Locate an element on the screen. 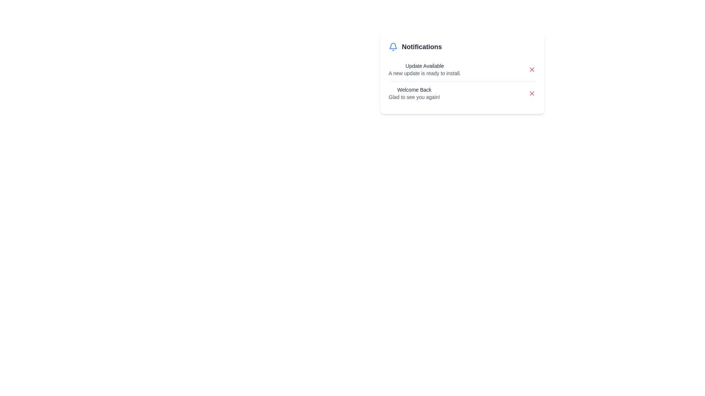 Image resolution: width=705 pixels, height=396 pixels. the Close button on the 'Welcome Back' notification is located at coordinates (532, 93).